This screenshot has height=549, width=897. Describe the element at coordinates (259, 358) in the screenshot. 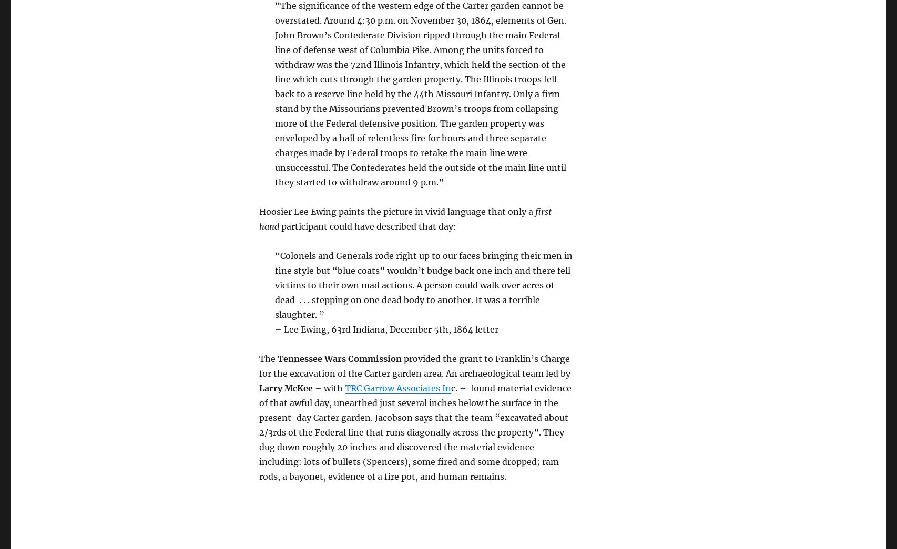

I see `'The'` at that location.